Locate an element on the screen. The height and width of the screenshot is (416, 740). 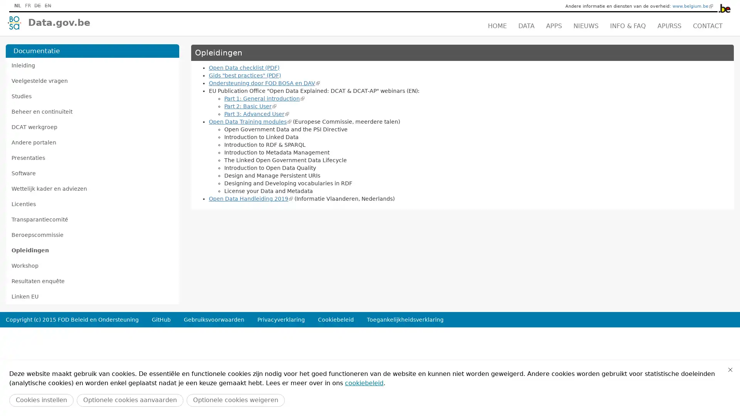
Optionele cookies weigeren is located at coordinates (235, 400).